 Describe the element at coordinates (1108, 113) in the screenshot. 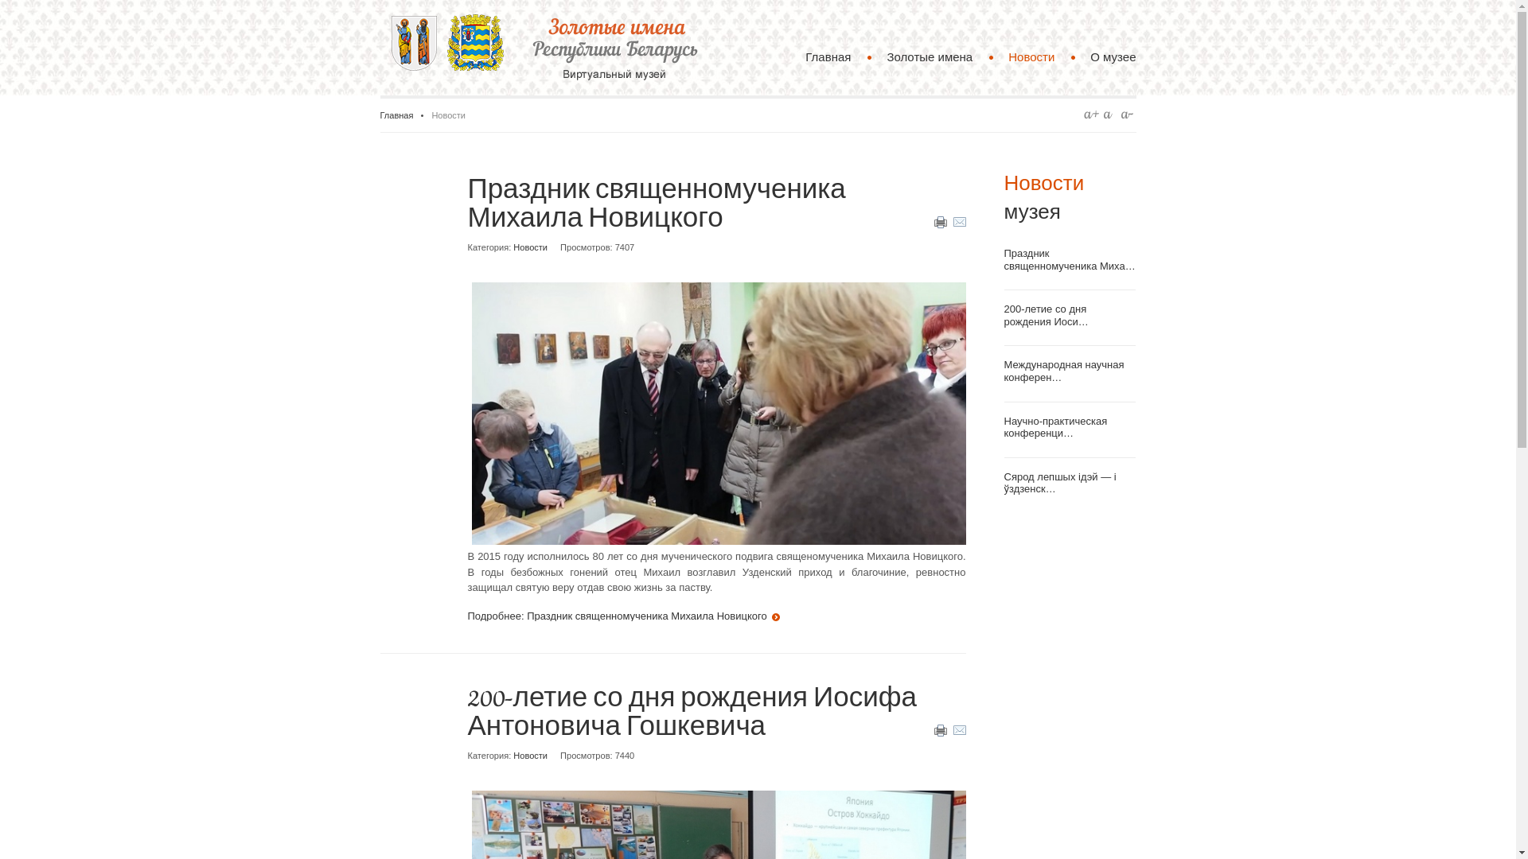

I see `'A'` at that location.